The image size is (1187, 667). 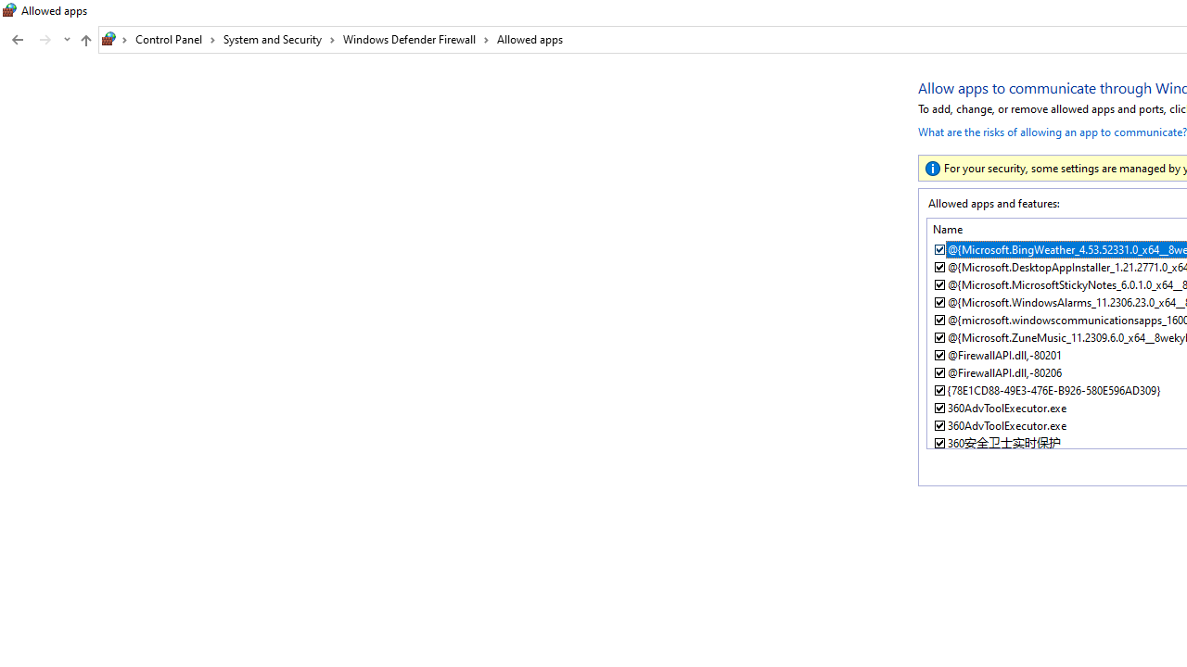 What do you see at coordinates (45, 40) in the screenshot?
I see `'Forward (Alt + Right Arrow)'` at bounding box center [45, 40].